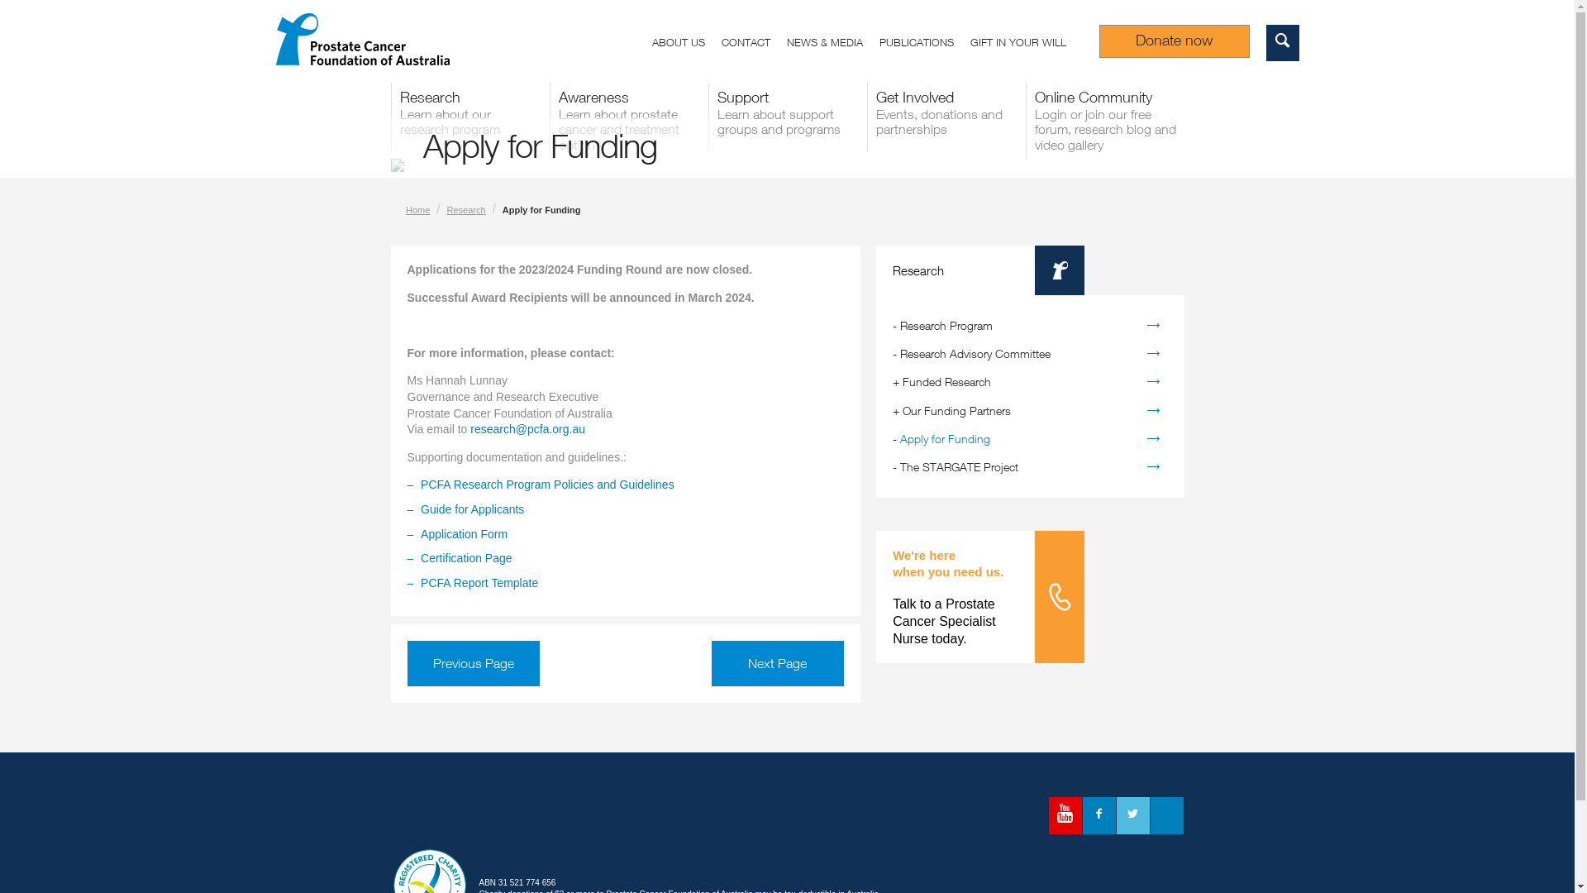 This screenshot has width=1587, height=893. I want to click on 'Certification Page', so click(465, 558).